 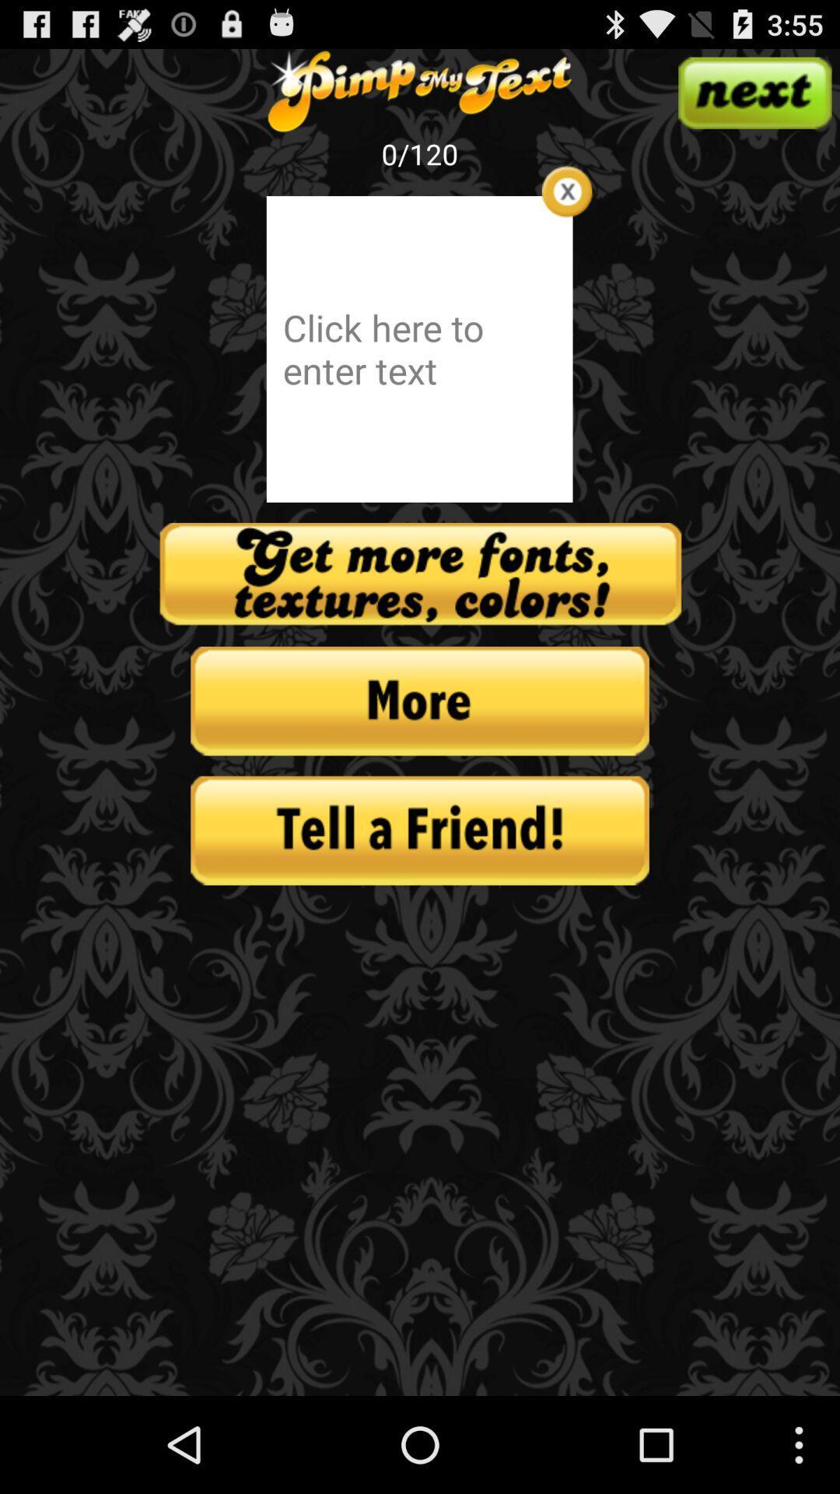 I want to click on text, so click(x=418, y=348).